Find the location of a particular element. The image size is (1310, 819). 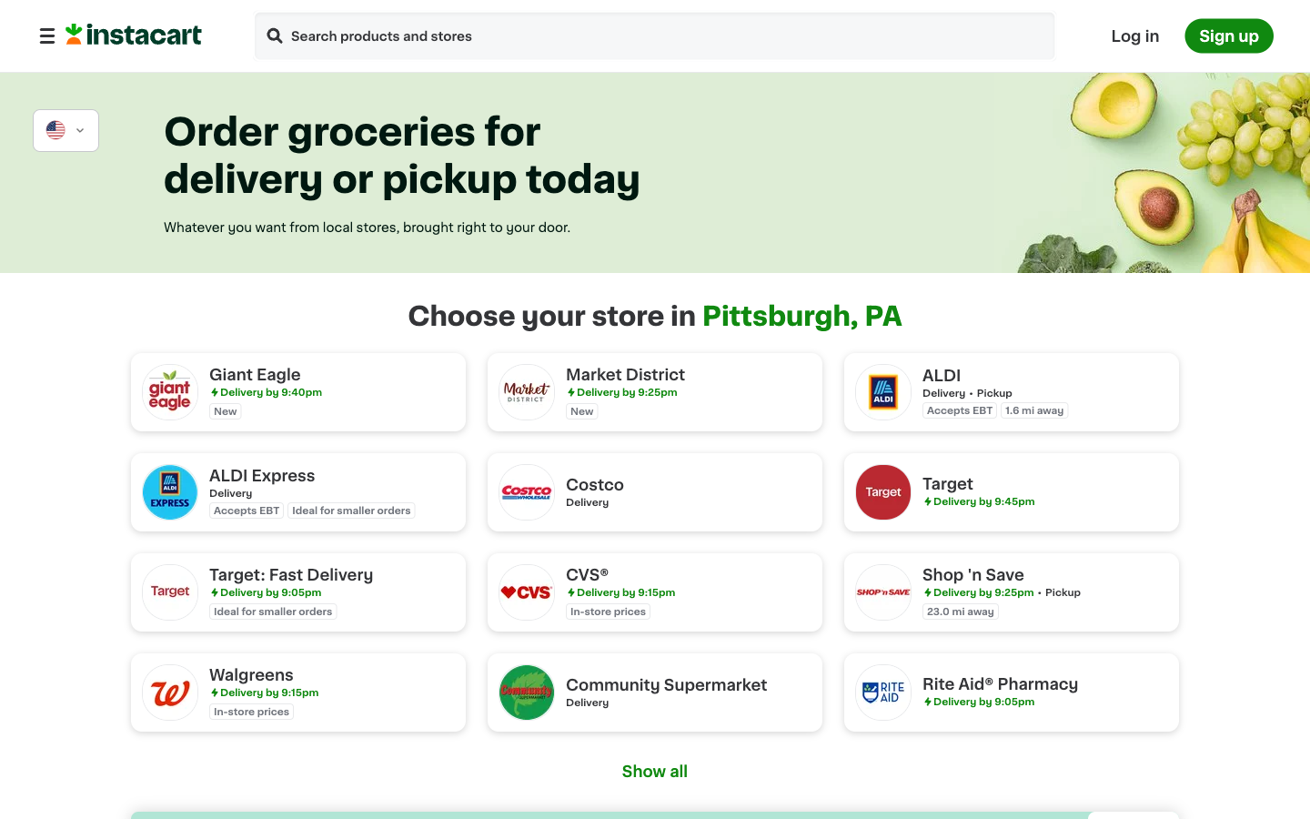

Enable expedited shipping from Target Store is located at coordinates (298, 591).